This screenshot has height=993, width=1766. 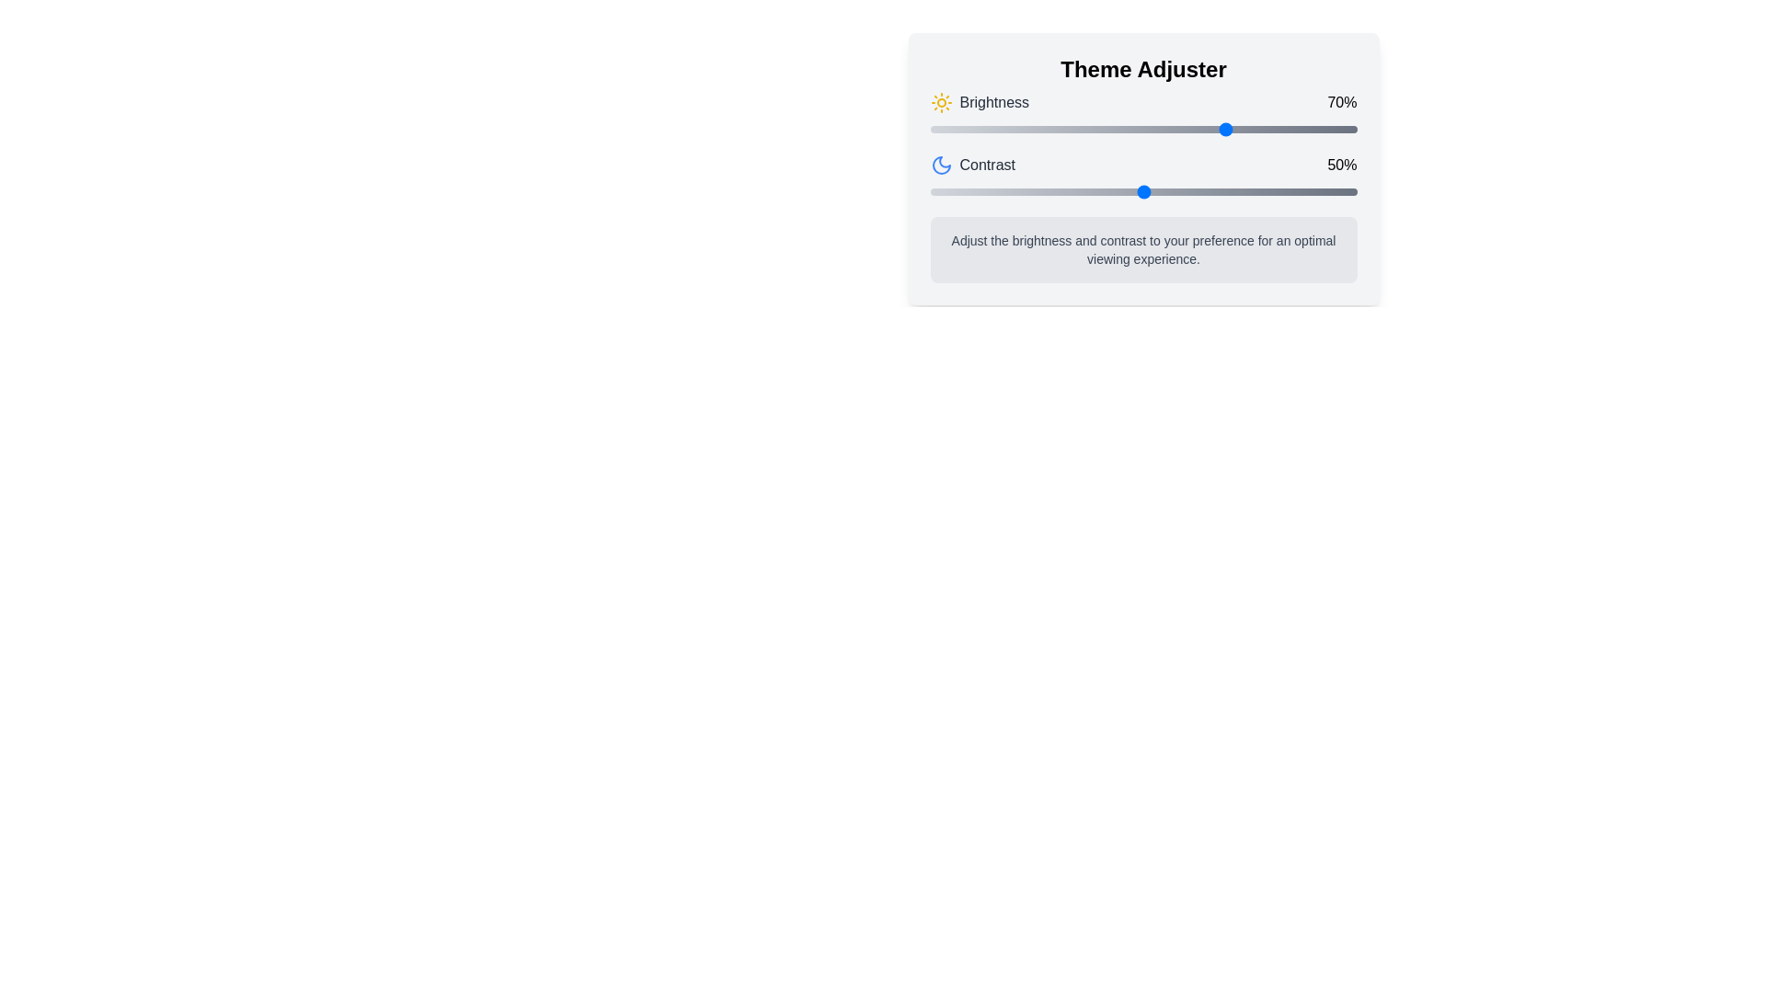 What do you see at coordinates (1168, 191) in the screenshot?
I see `contrast` at bounding box center [1168, 191].